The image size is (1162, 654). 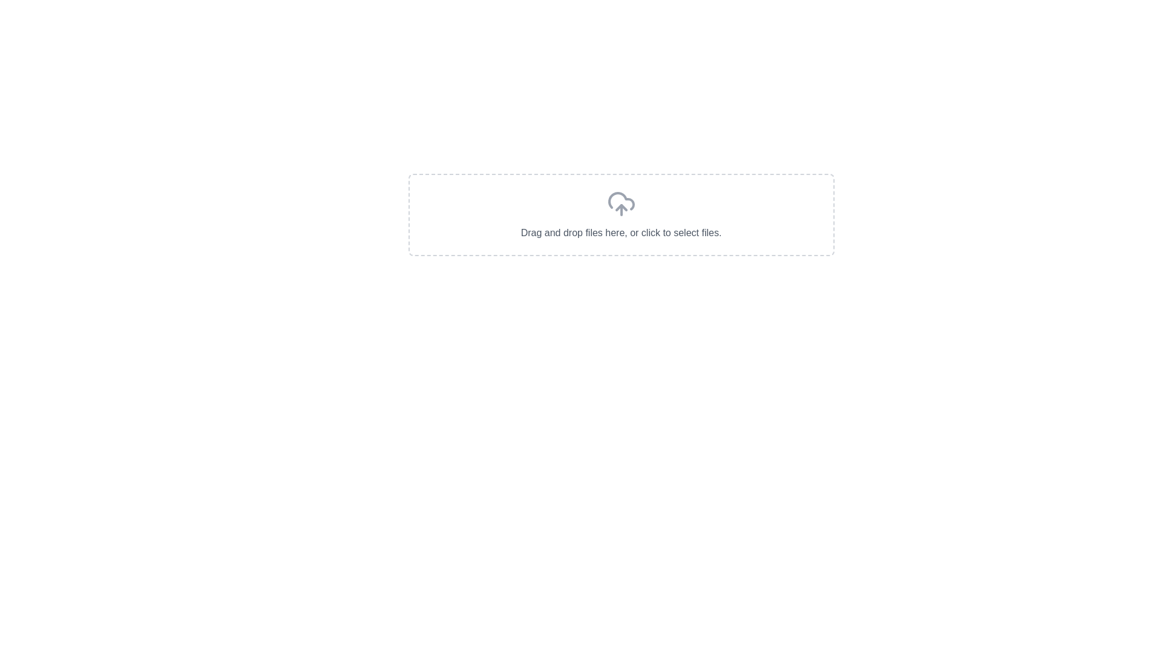 I want to click on the distinctive file upload area with a dashed border, which features a cloud icon and the text 'Drag and drop files here, or click to select files.', so click(x=621, y=214).